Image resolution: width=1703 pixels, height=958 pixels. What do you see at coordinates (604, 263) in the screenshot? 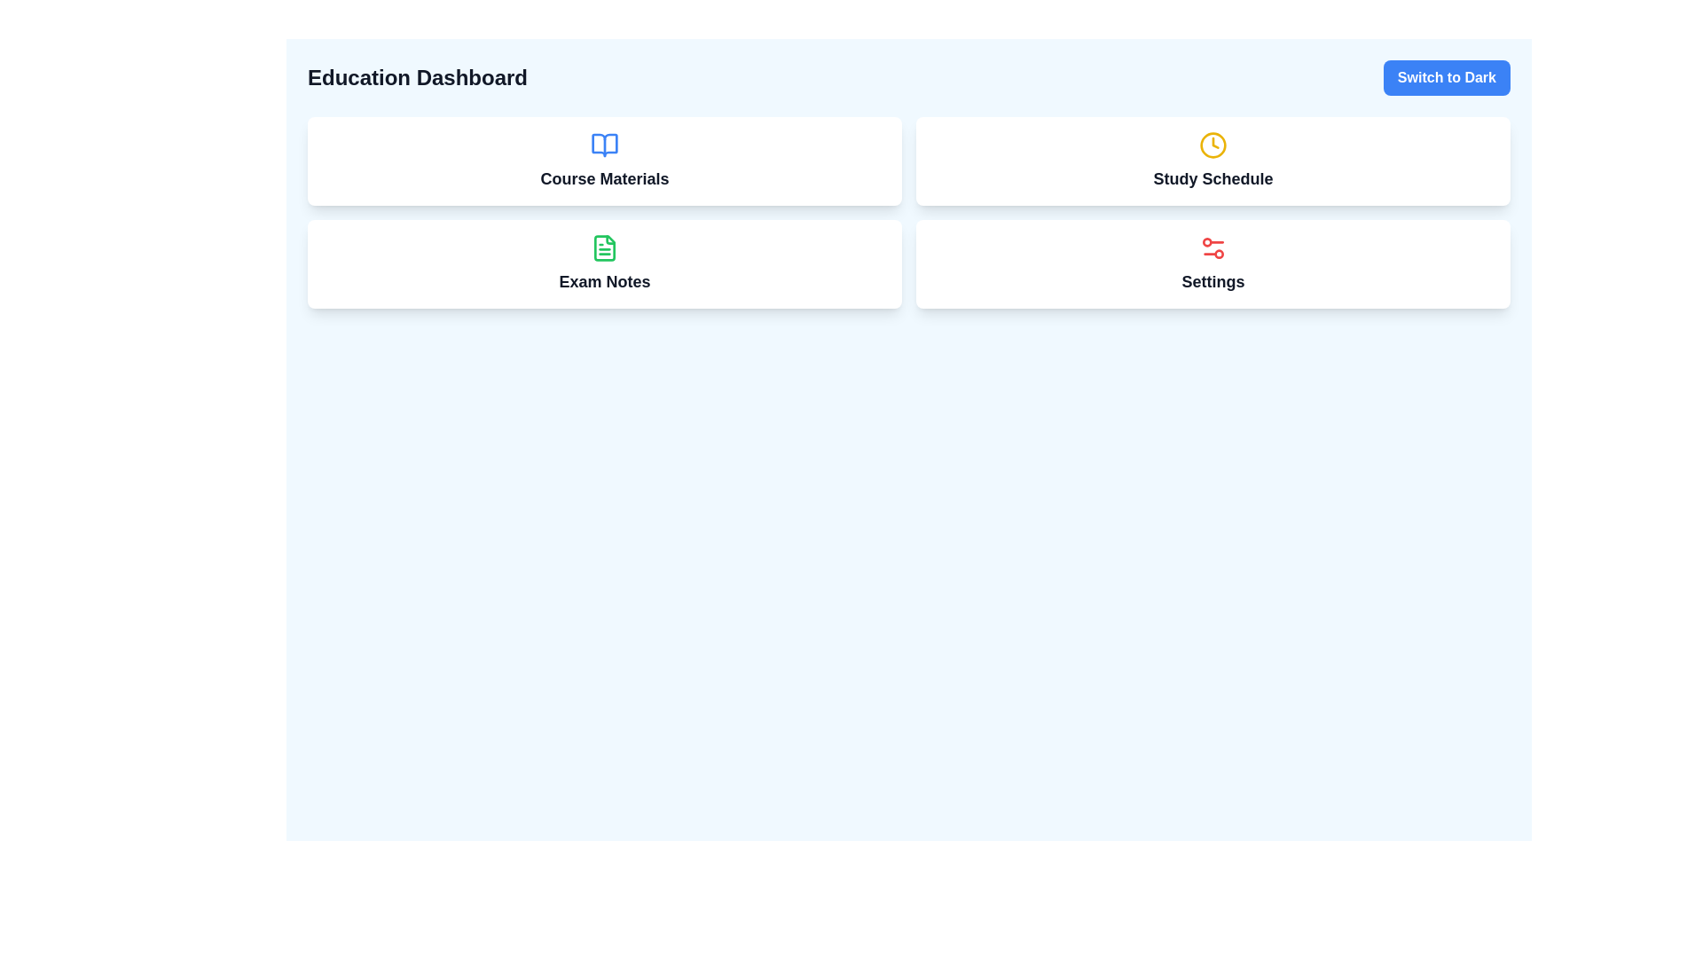
I see `the button-like rectangular card located in the bottom-left corner of a 2x2 grid layout` at bounding box center [604, 263].